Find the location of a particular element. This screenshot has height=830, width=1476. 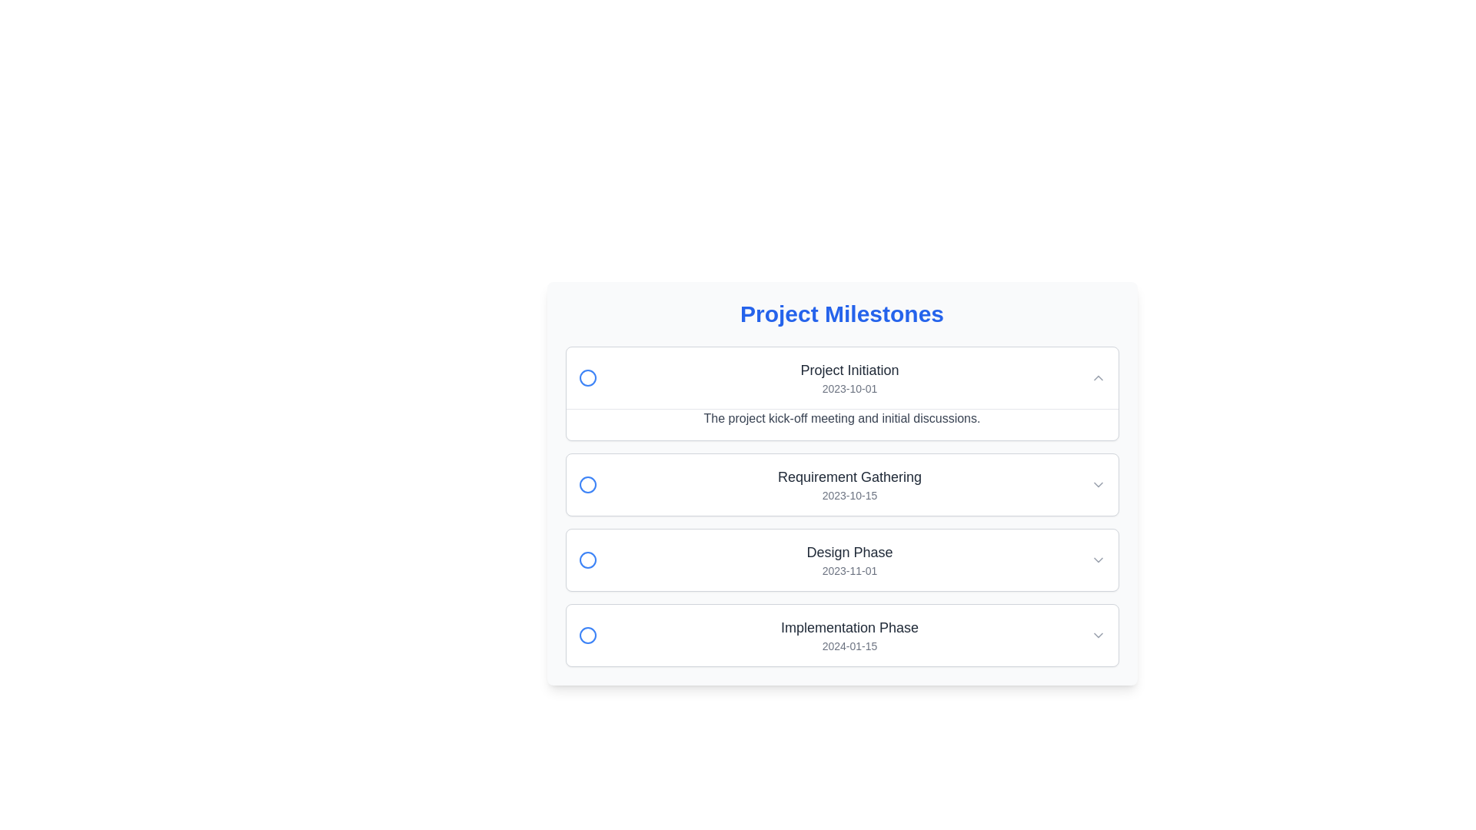

the text displaying '2023-10-01' located under the 'Project Initiation' heading in the 'Project Milestones' section is located at coordinates (849, 387).